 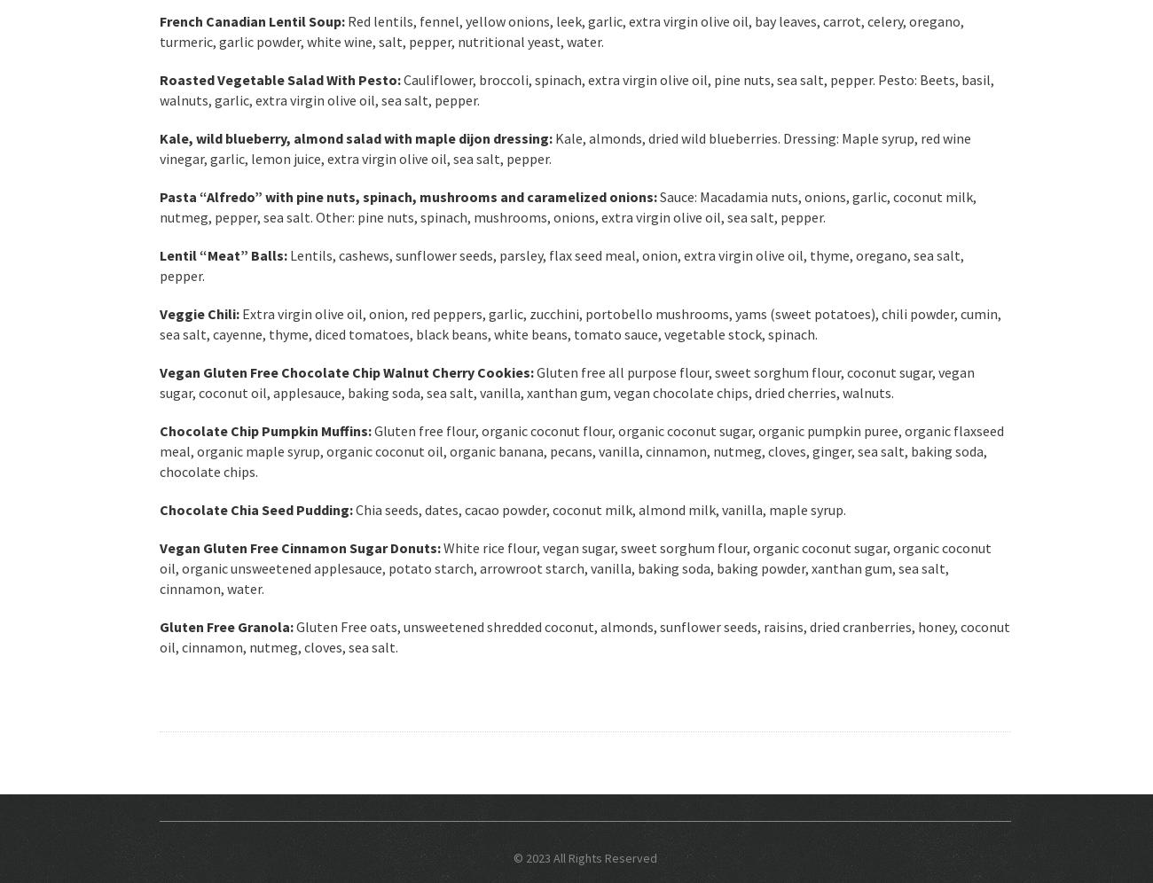 What do you see at coordinates (407, 196) in the screenshot?
I see `'Pasta “Alfredo” with pine nuts, spinach, mushrooms and caramelized onions:'` at bounding box center [407, 196].